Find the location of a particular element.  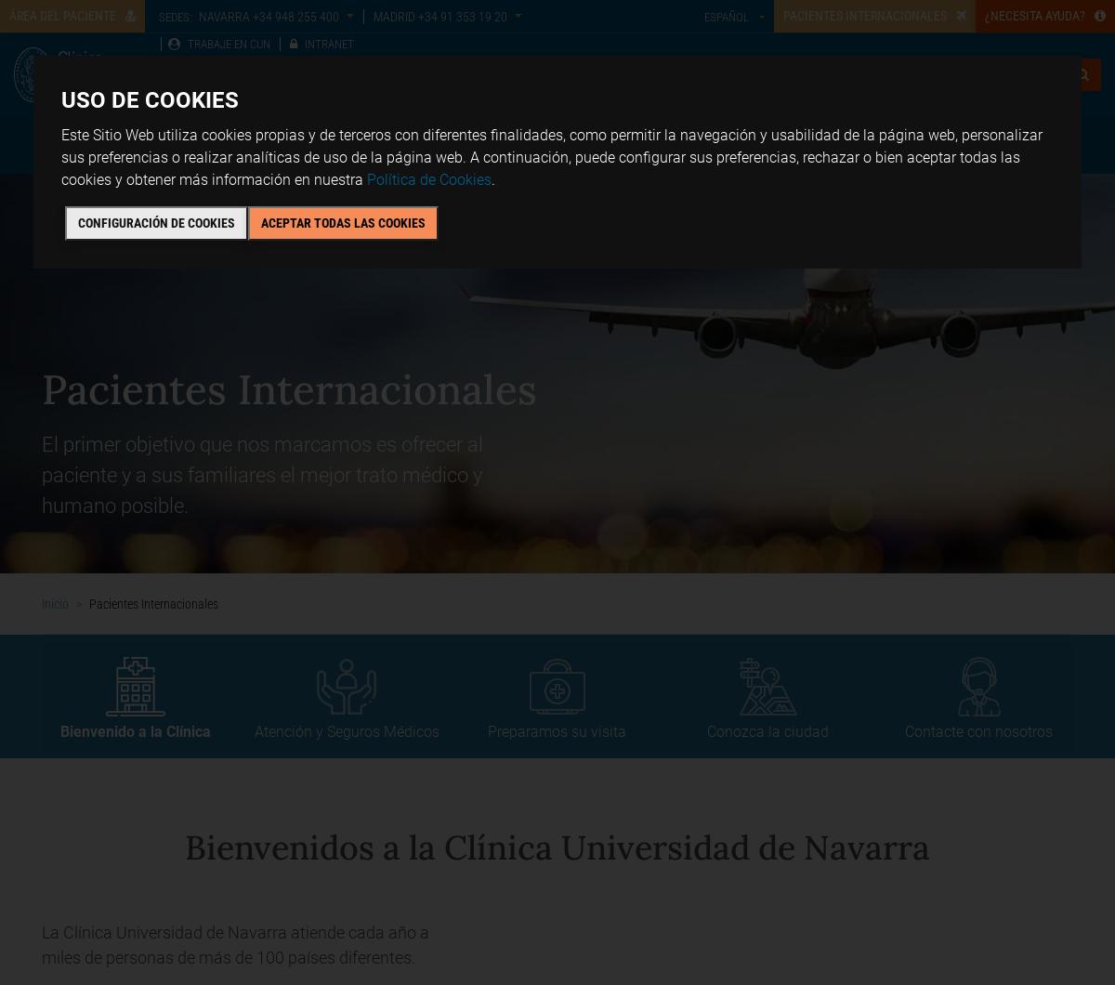

'Configuración de cookies' is located at coordinates (155, 221).